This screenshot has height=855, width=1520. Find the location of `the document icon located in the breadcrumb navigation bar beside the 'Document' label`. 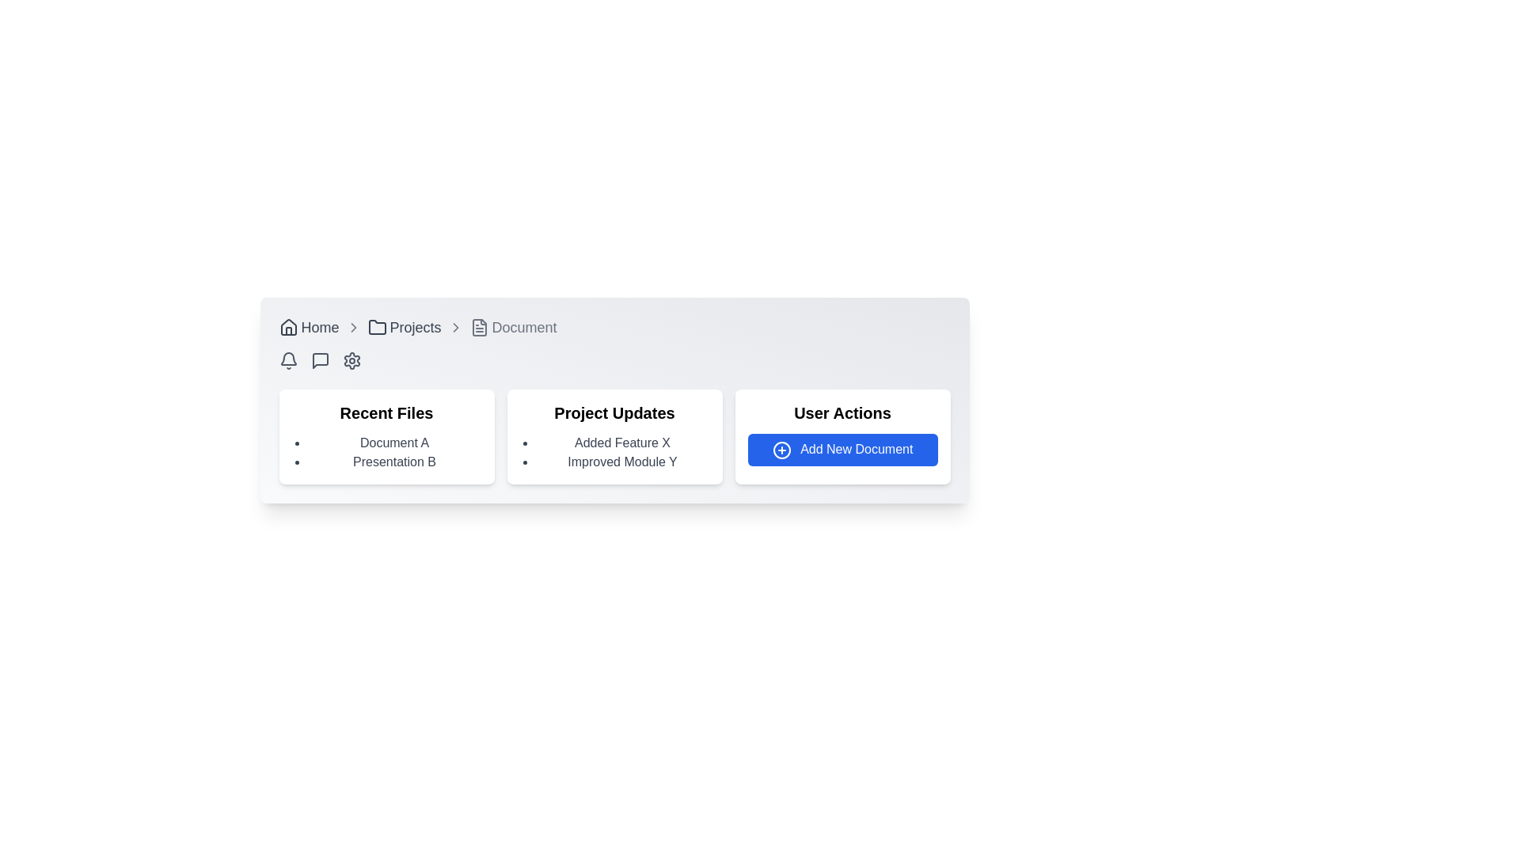

the document icon located in the breadcrumb navigation bar beside the 'Document' label is located at coordinates (478, 326).